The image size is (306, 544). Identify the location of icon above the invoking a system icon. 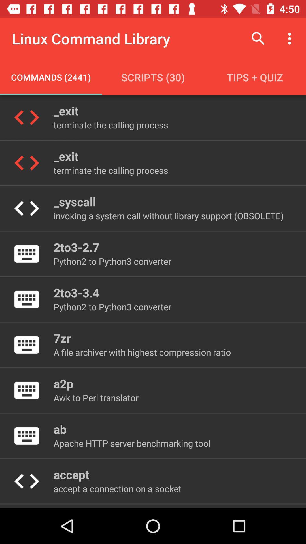
(74, 201).